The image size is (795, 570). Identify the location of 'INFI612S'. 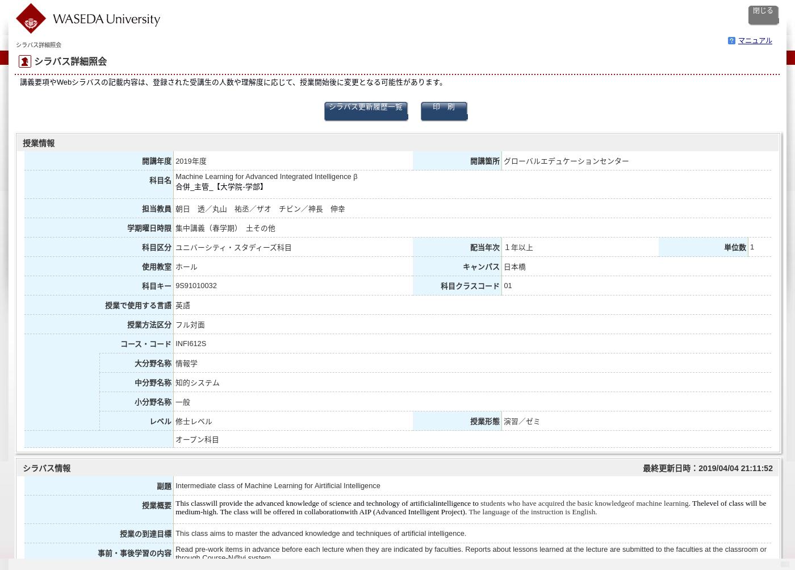
(191, 343).